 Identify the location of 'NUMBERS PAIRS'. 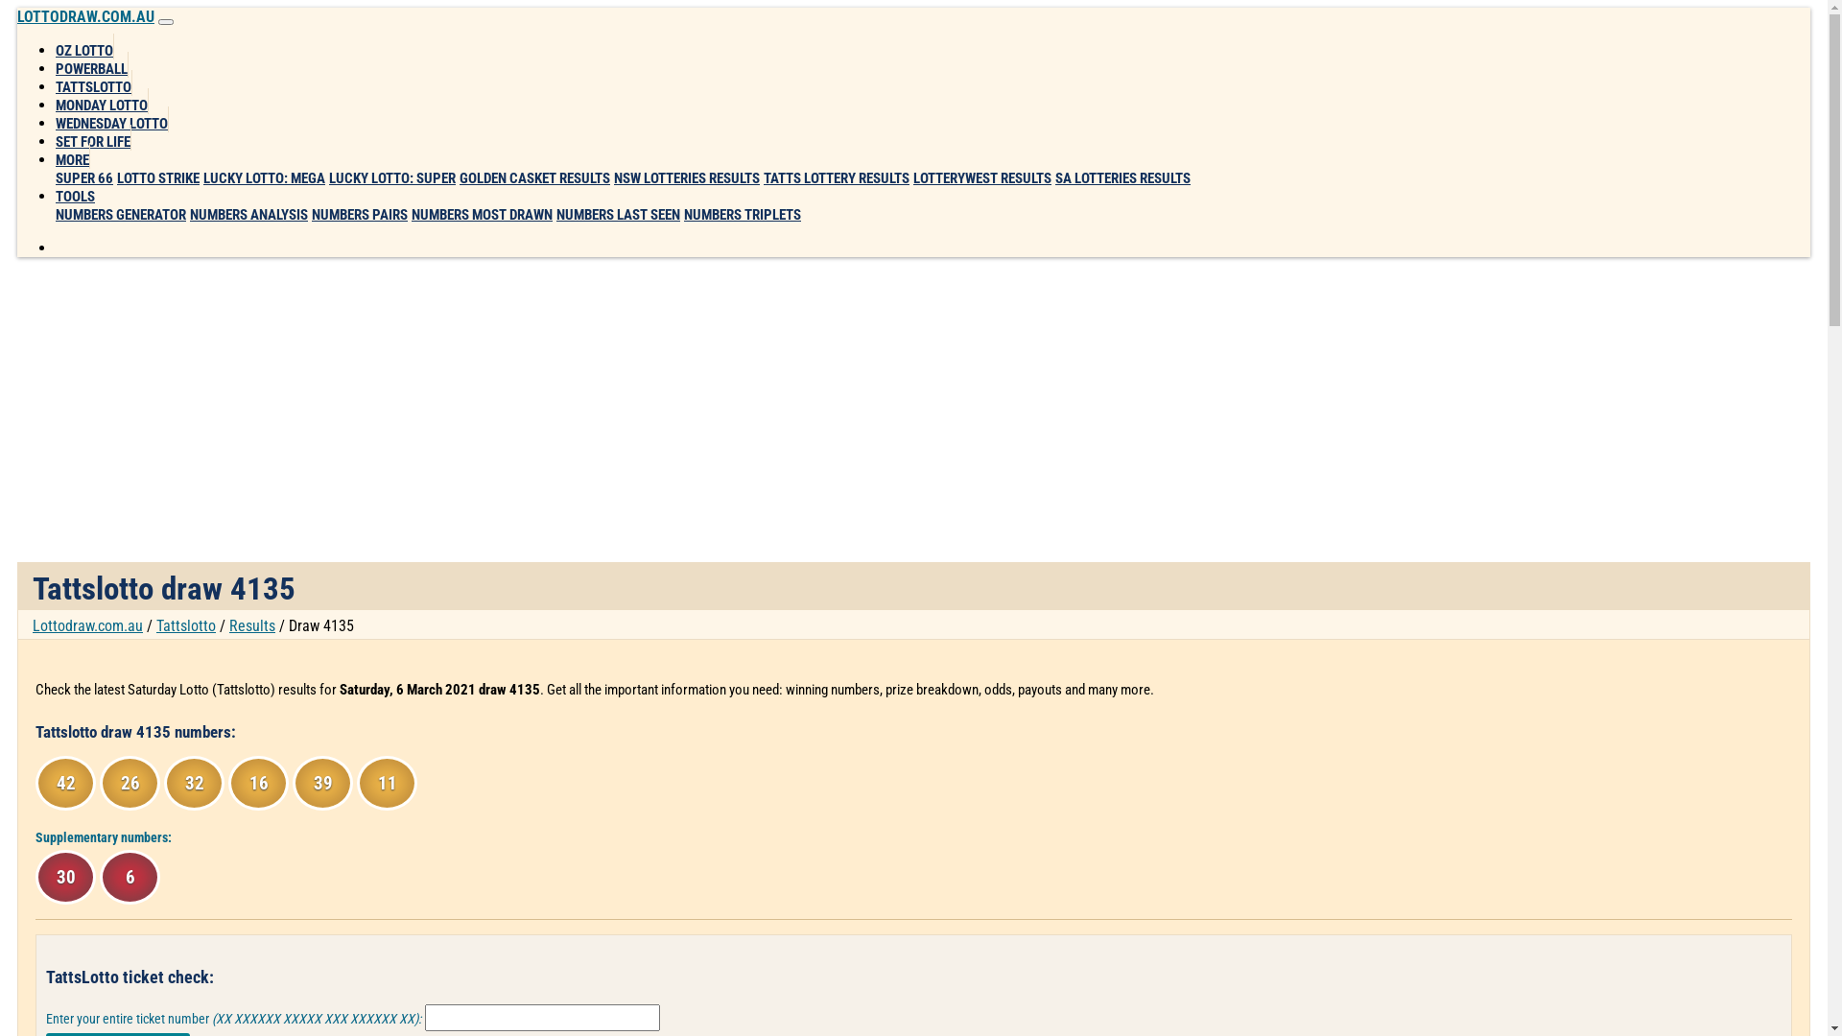
(359, 214).